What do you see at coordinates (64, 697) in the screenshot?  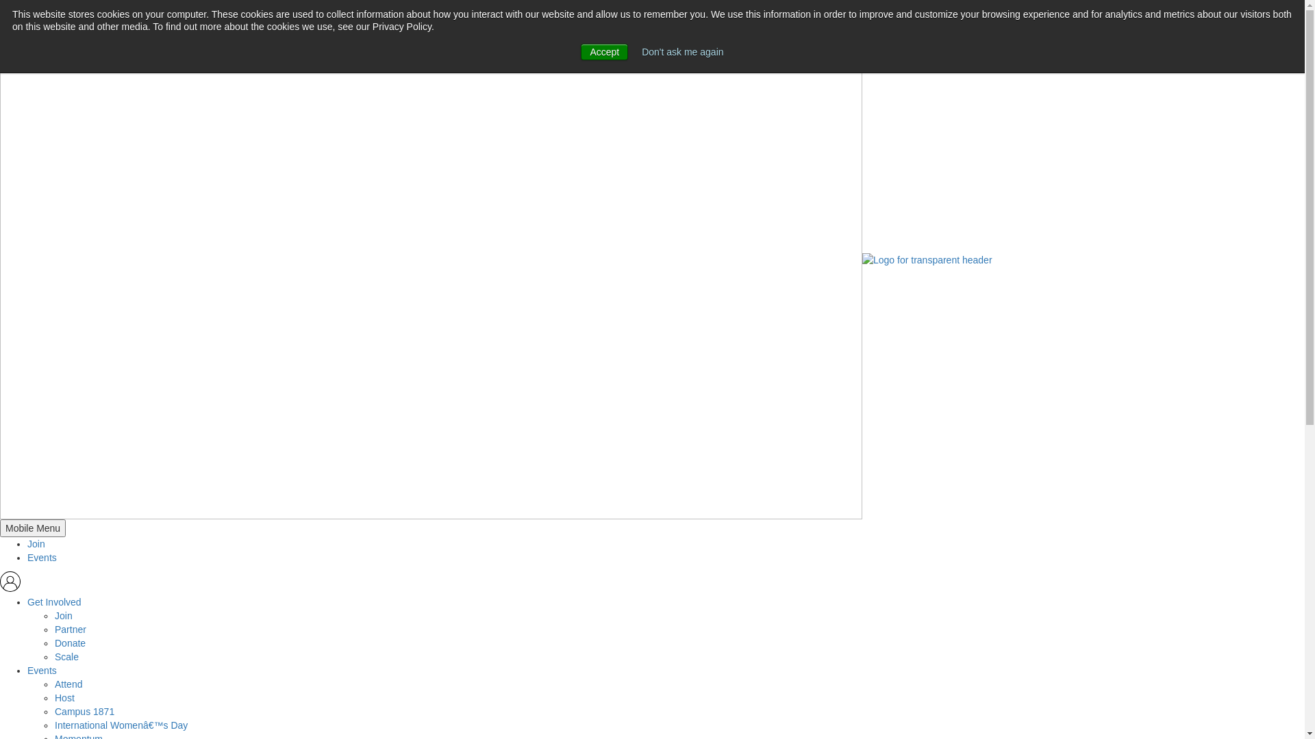 I see `'Host'` at bounding box center [64, 697].